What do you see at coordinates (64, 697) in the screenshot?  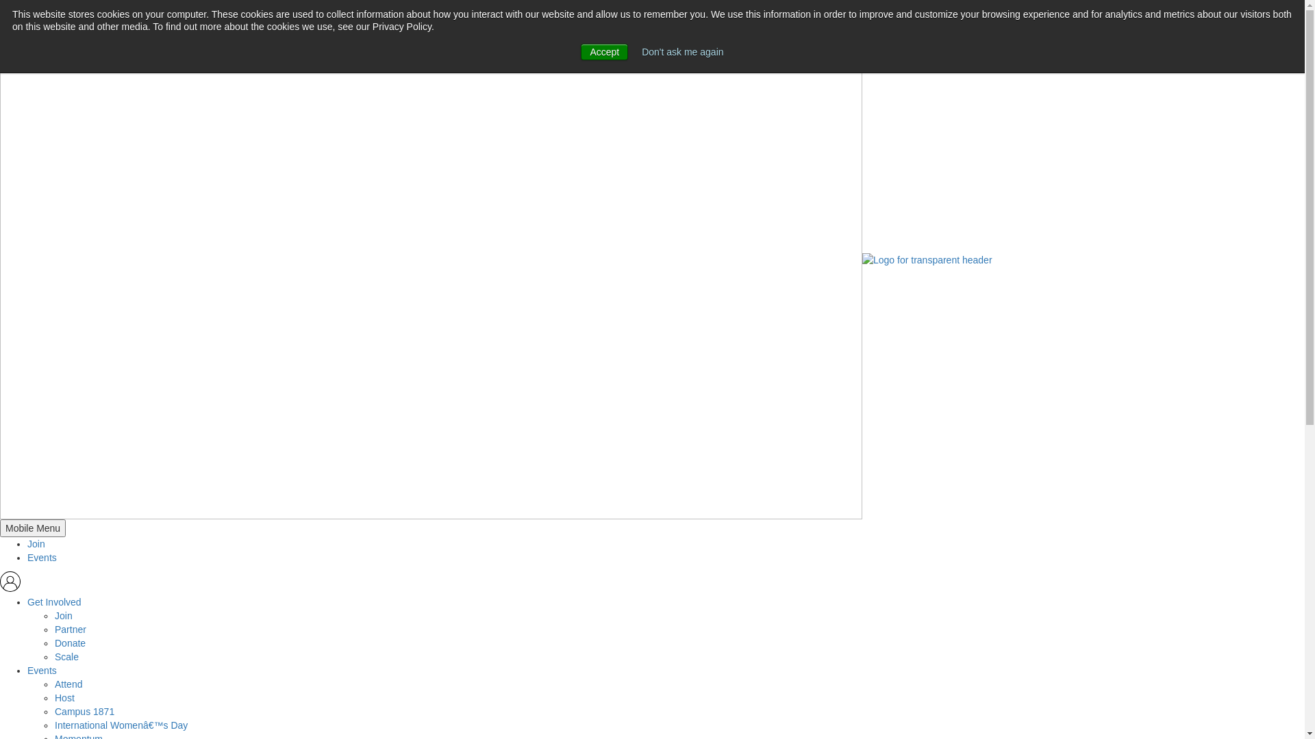 I see `'Host'` at bounding box center [64, 697].